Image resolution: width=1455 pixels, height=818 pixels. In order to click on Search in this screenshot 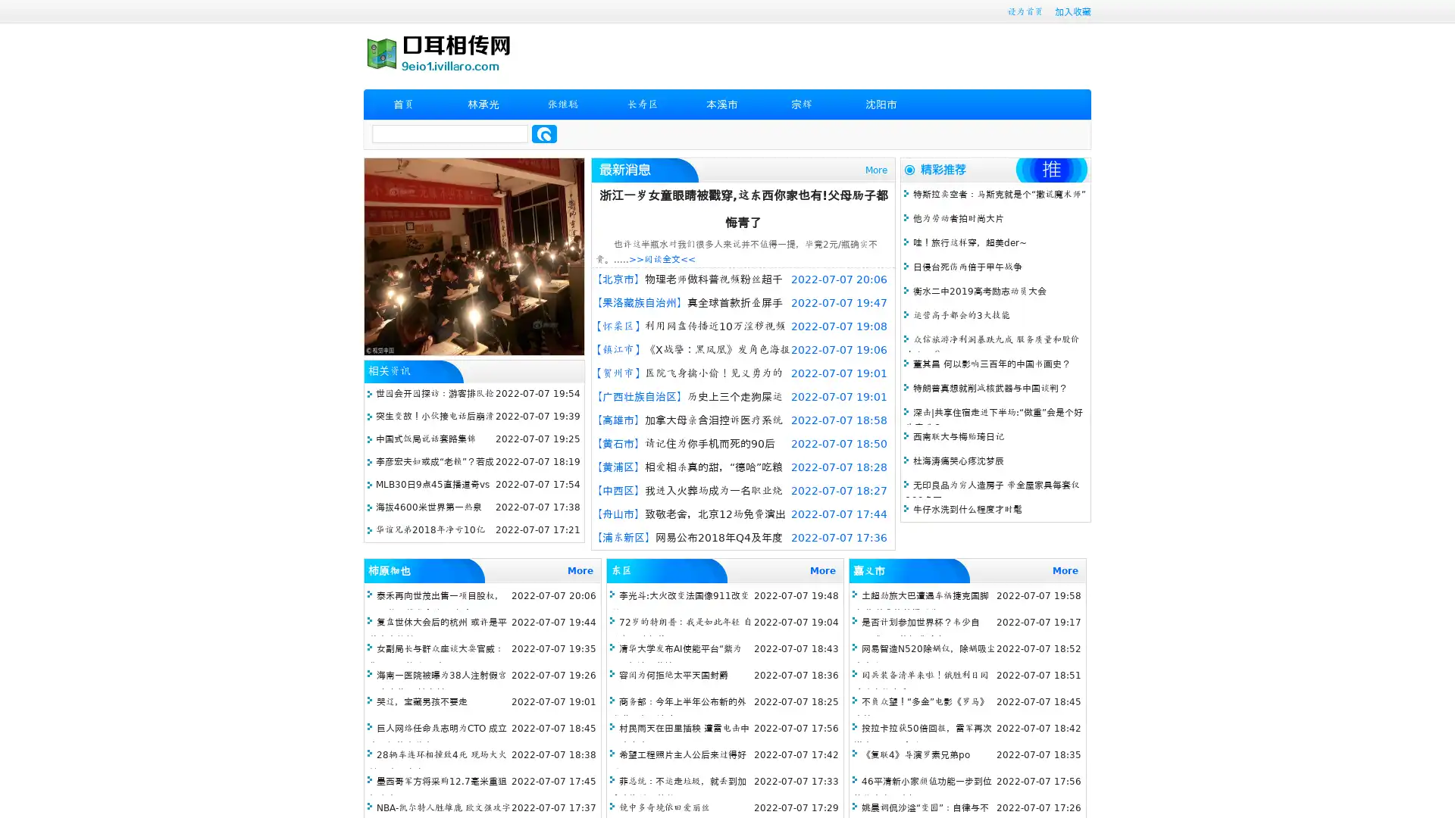, I will do `click(544, 133)`.